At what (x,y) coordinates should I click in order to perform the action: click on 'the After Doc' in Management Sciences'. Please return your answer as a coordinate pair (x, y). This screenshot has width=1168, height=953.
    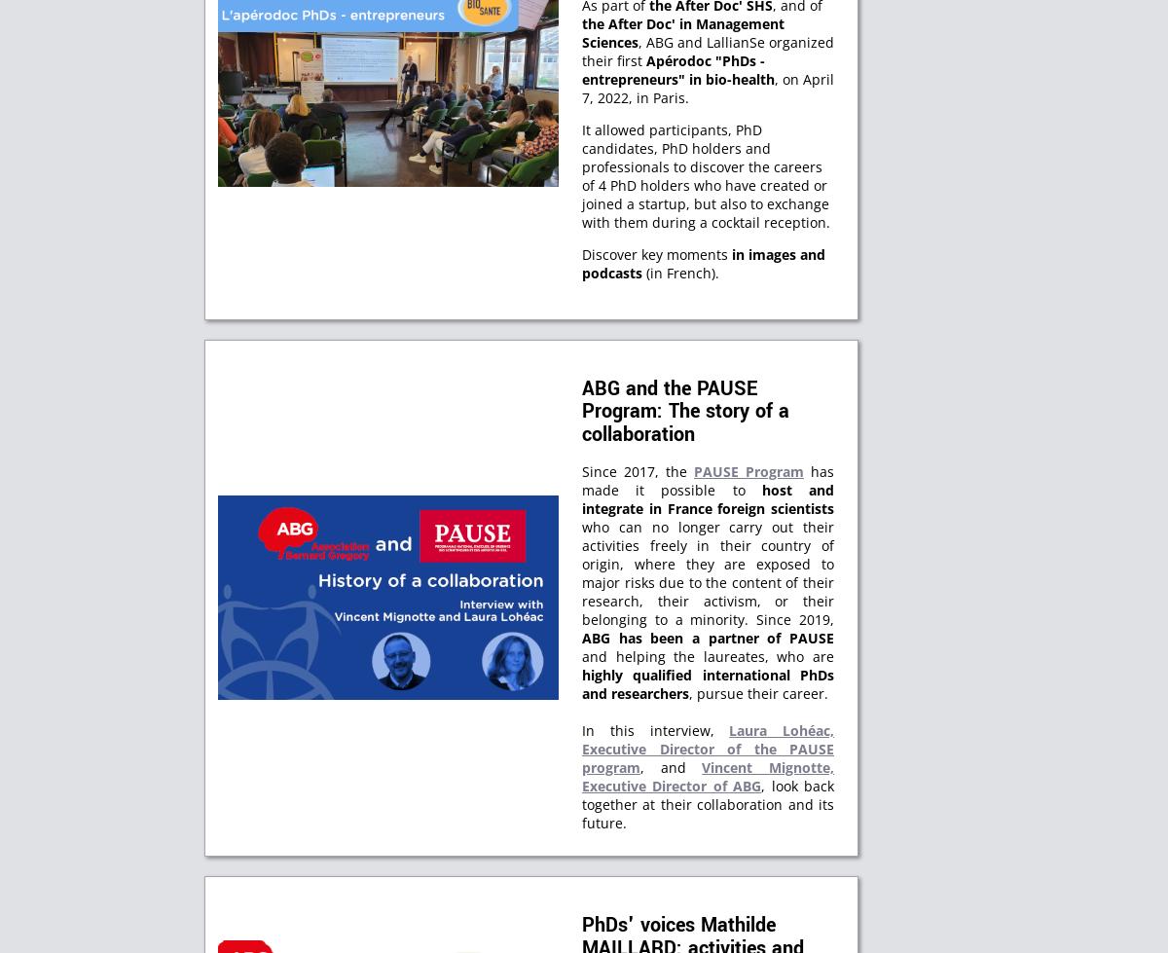
    Looking at the image, I should click on (580, 31).